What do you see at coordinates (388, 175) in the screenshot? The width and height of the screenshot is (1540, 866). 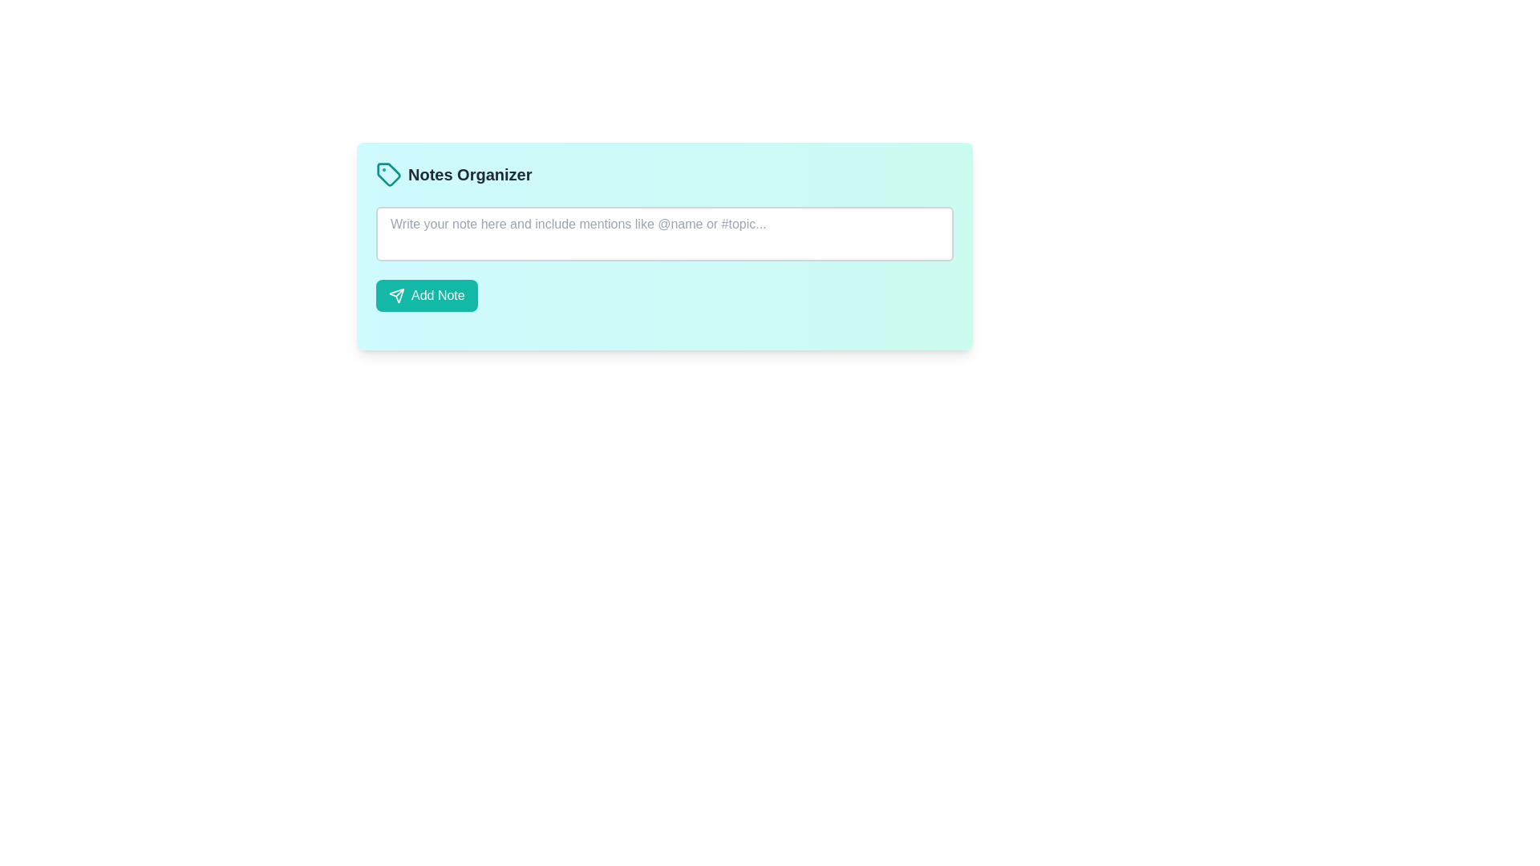 I see `the teal tag icon located to the left of the bold text title 'Notes Organizer'` at bounding box center [388, 175].